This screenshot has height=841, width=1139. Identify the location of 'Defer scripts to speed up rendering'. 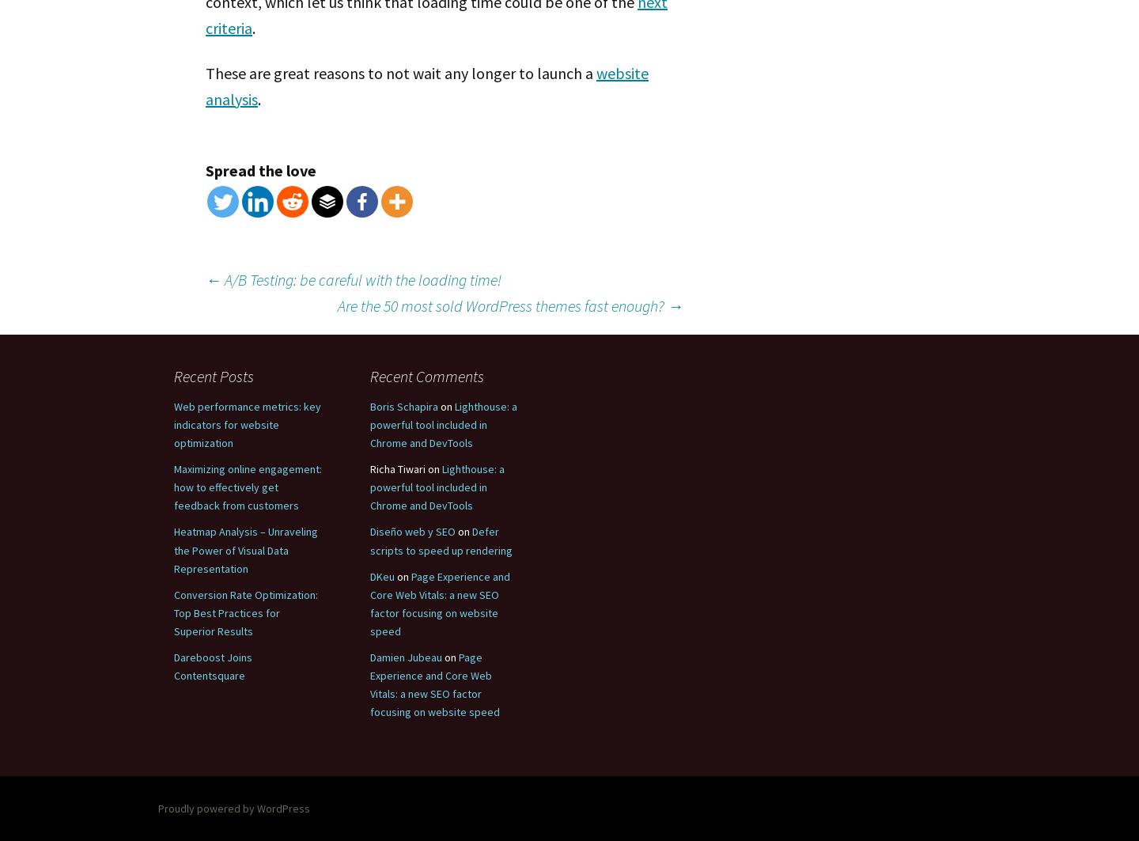
(441, 540).